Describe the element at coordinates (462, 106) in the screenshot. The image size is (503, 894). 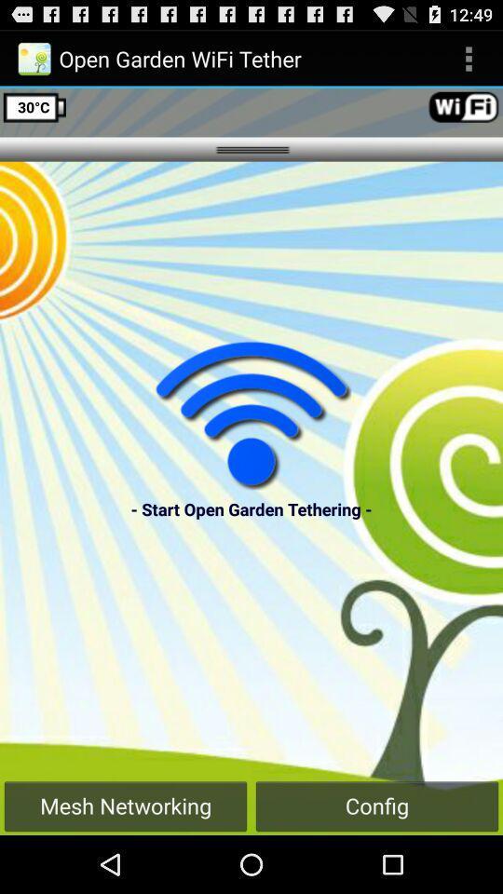
I see `the text wi fi` at that location.